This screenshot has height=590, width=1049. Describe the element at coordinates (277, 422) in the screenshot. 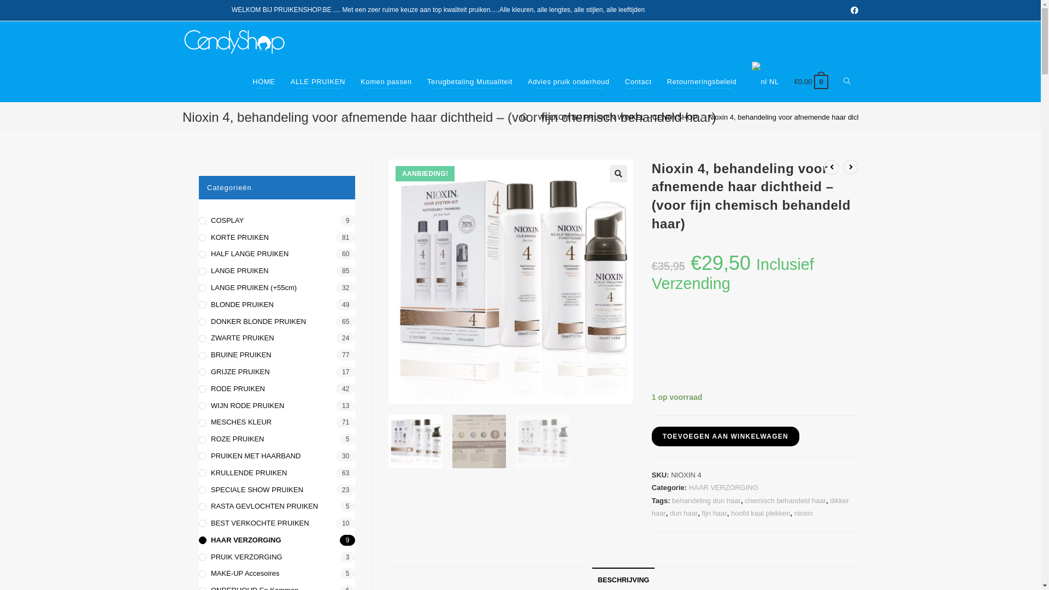

I see `'MESCHES KLEUR'` at that location.